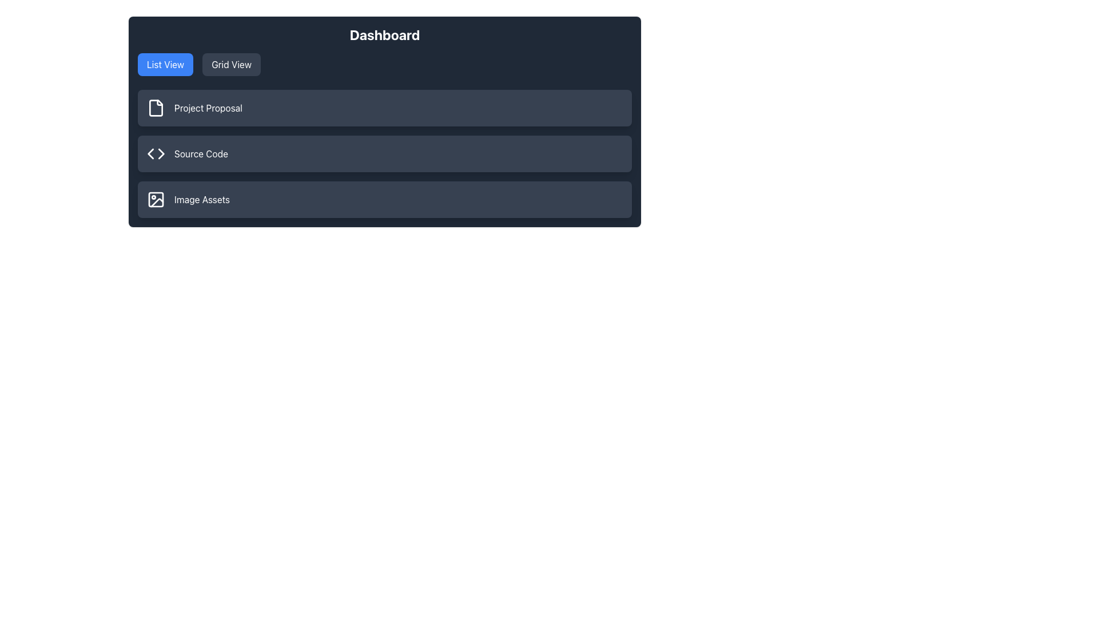  I want to click on the decorative icon representing the 'Project Proposal' document, located in the top-left section of its card layout, so click(156, 108).